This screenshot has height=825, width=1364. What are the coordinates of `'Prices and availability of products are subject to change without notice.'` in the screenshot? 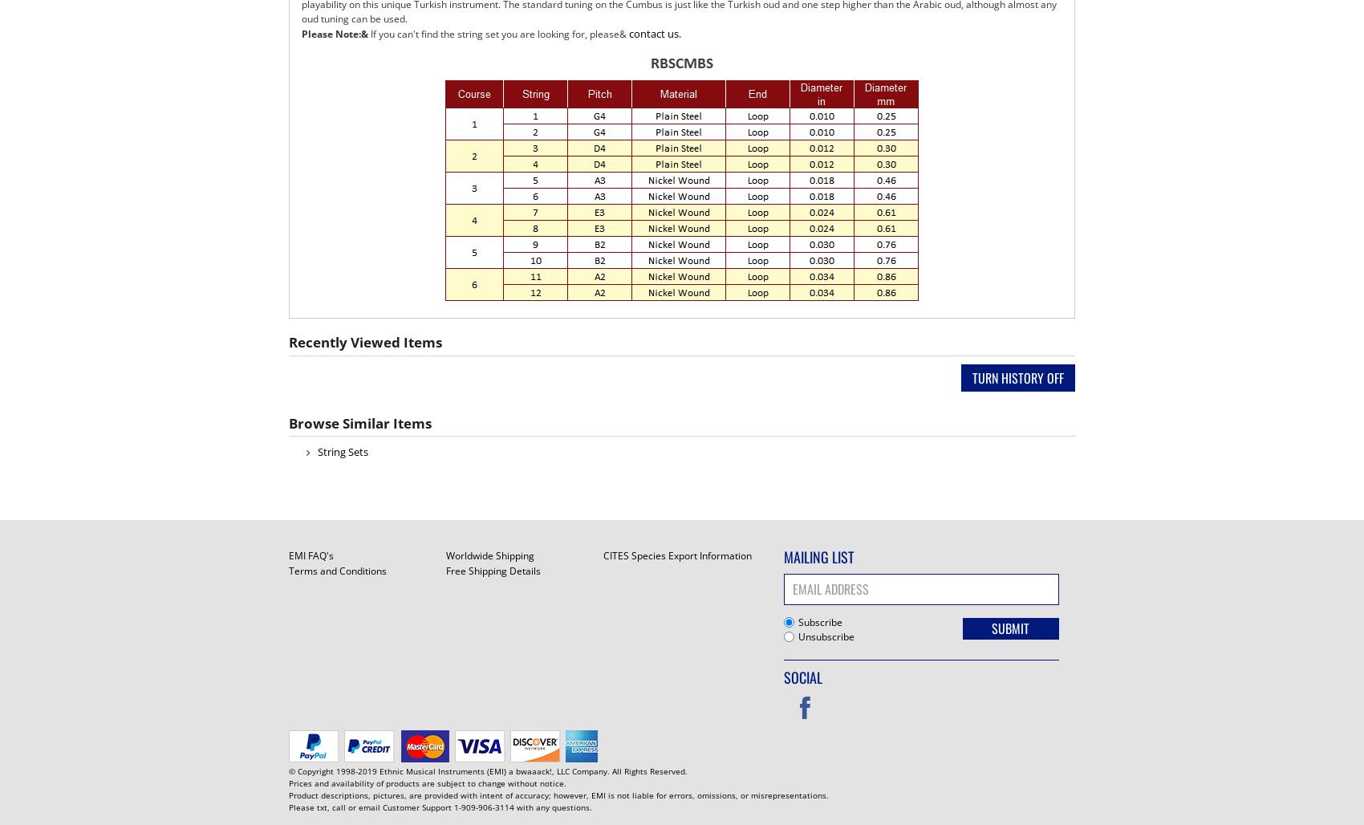 It's located at (288, 781).